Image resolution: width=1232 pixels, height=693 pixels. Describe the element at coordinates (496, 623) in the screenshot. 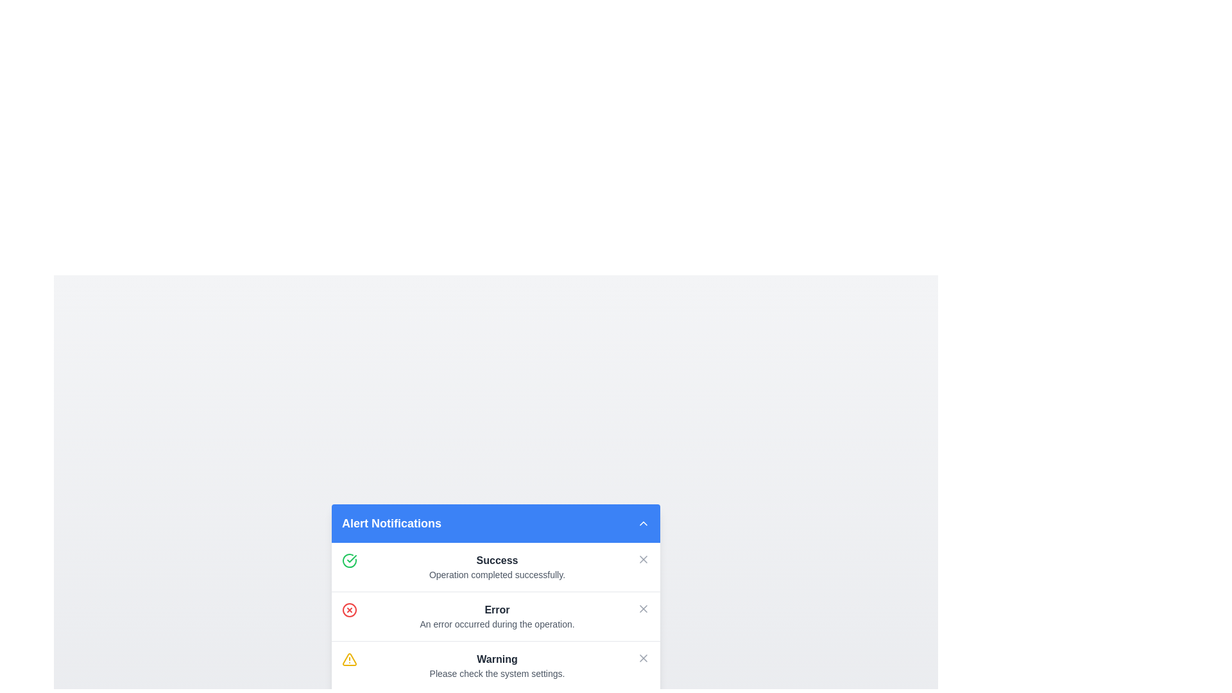

I see `the informational Text label located in the lower part of the 'Error' notification within the 'Alert Notifications' section, positioned immediately below the bold 'Error' heading` at that location.